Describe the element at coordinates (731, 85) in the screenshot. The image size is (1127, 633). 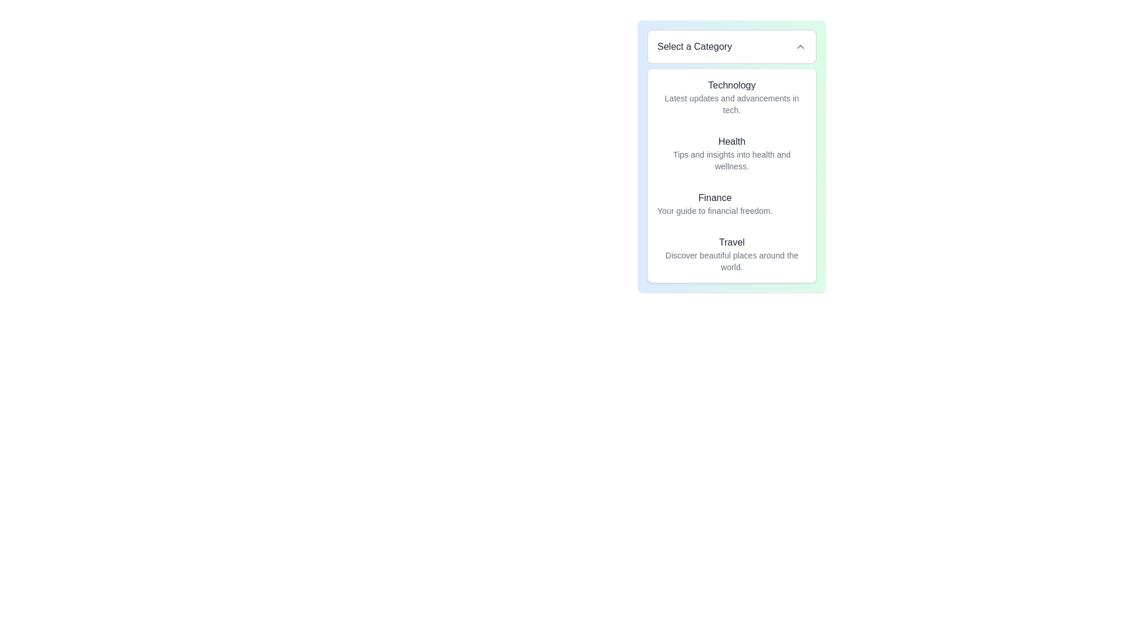
I see `text label displaying 'Technology', which is styled in bold, dark gray font and located at the top of the section, above 'Latest updates and advancements in tech.'` at that location.